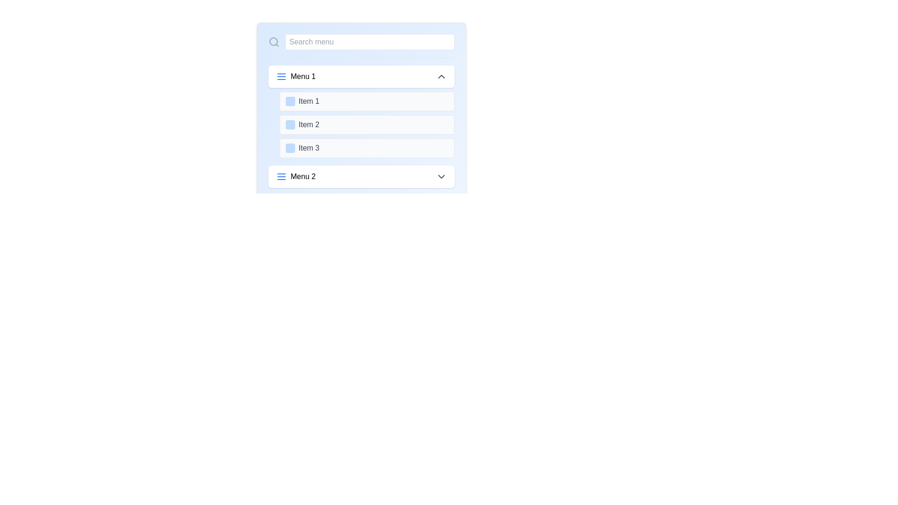  I want to click on the static text label 'Item 2' which is styled in gray and positioned next to a small blue square, so click(309, 124).